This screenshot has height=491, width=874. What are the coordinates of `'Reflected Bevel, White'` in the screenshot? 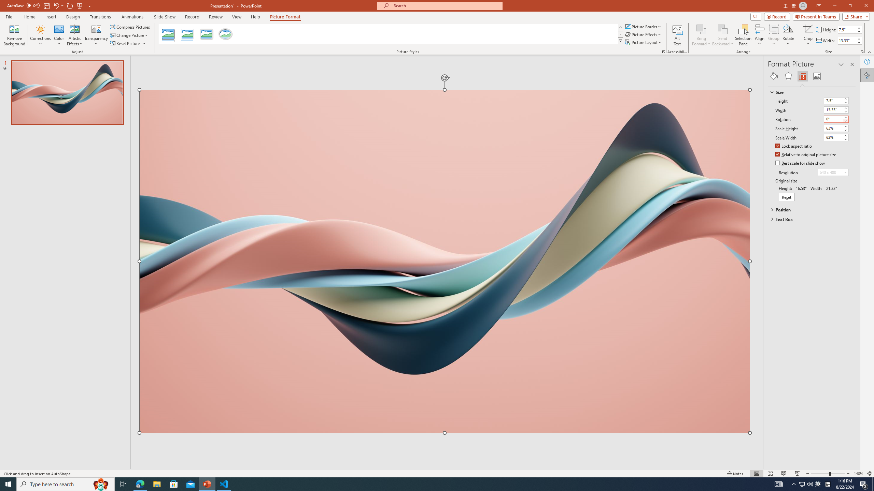 It's located at (187, 34).